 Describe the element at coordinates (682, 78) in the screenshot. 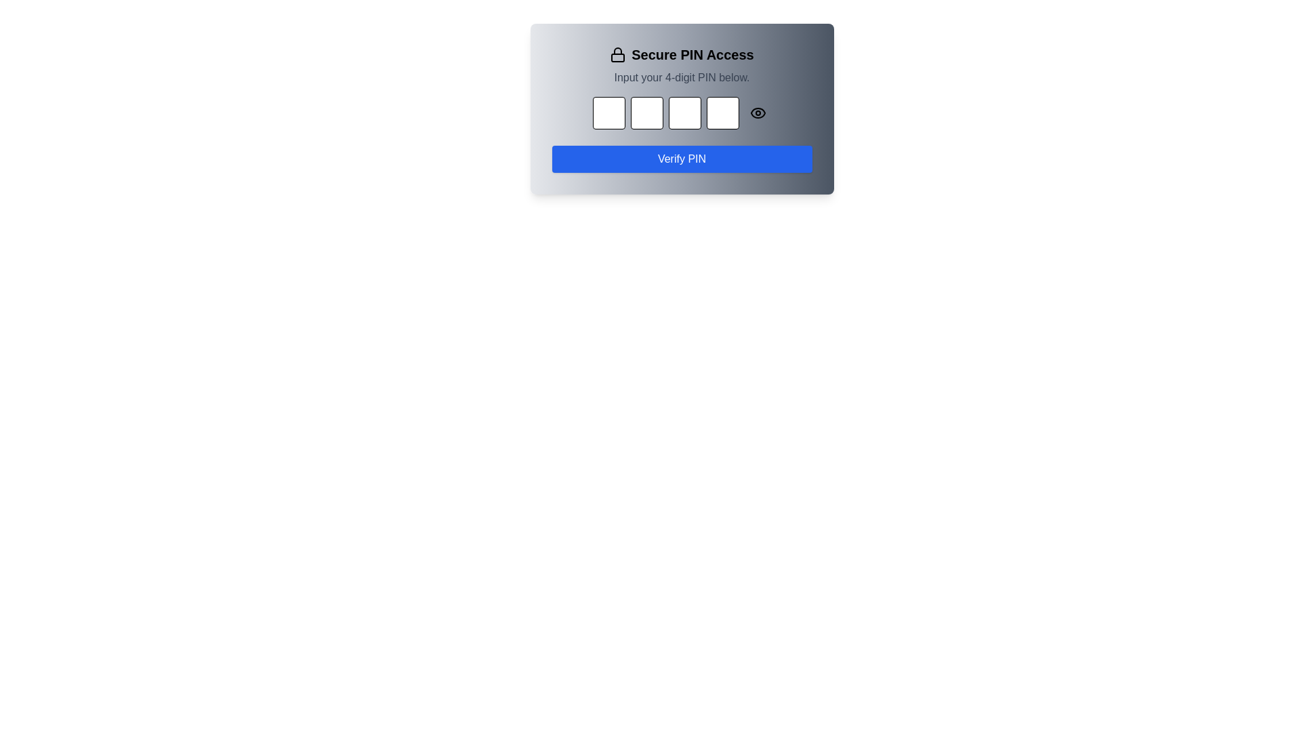

I see `the instructional text label that guides the user to enter their 4-digit PIN, which is positioned beneath the header 'Secure PIN Access'` at that location.